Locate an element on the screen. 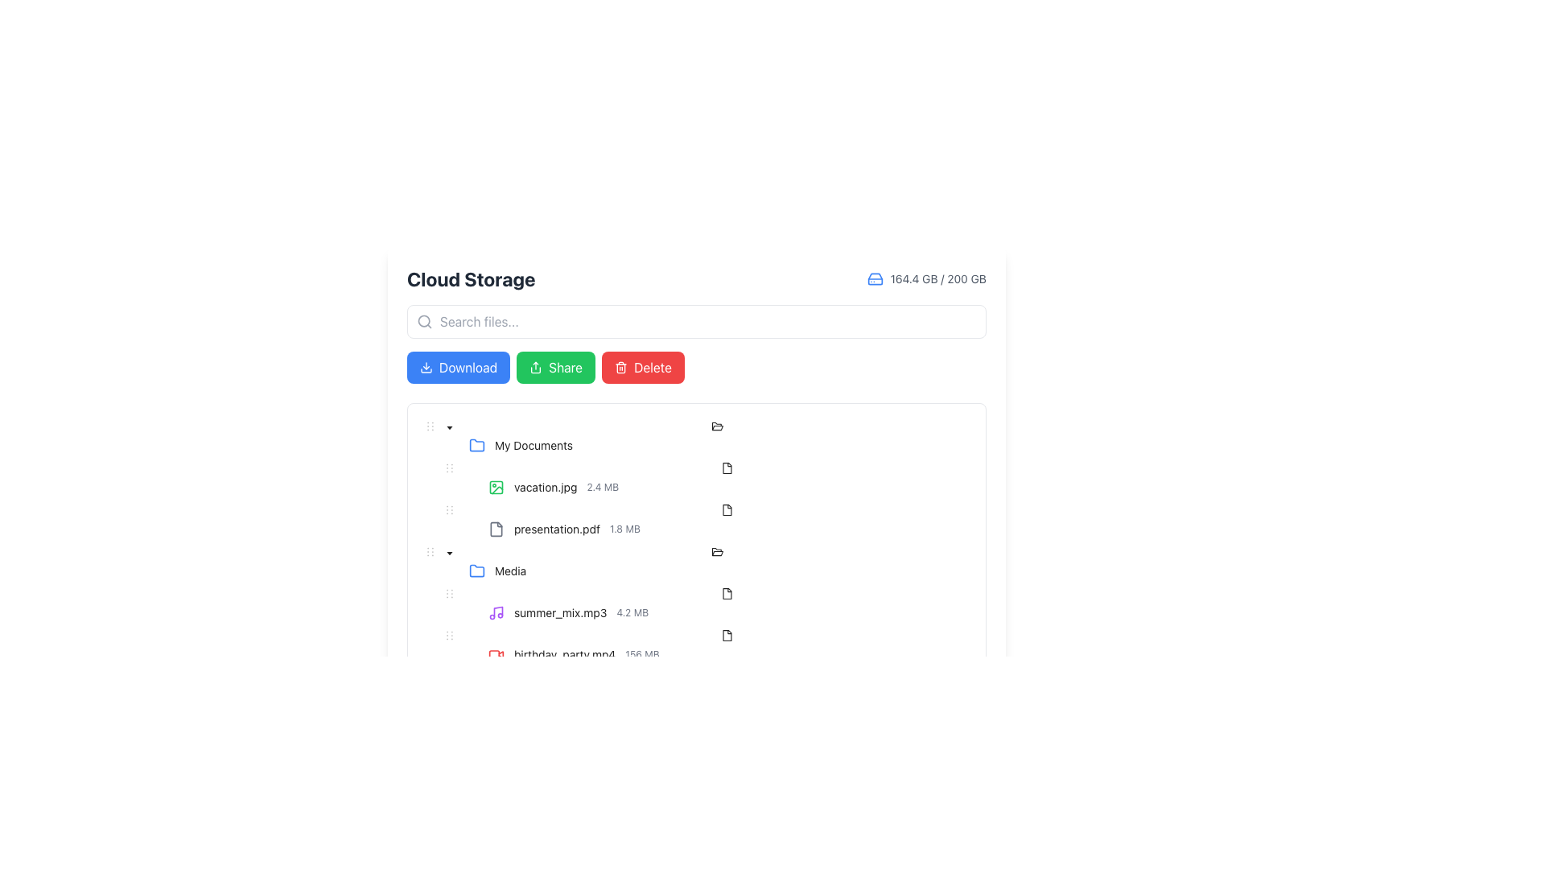 The height and width of the screenshot is (869, 1545). the icon representing the file 'birthday_party.mp4' located in the 'Media' folder is located at coordinates (726, 634).